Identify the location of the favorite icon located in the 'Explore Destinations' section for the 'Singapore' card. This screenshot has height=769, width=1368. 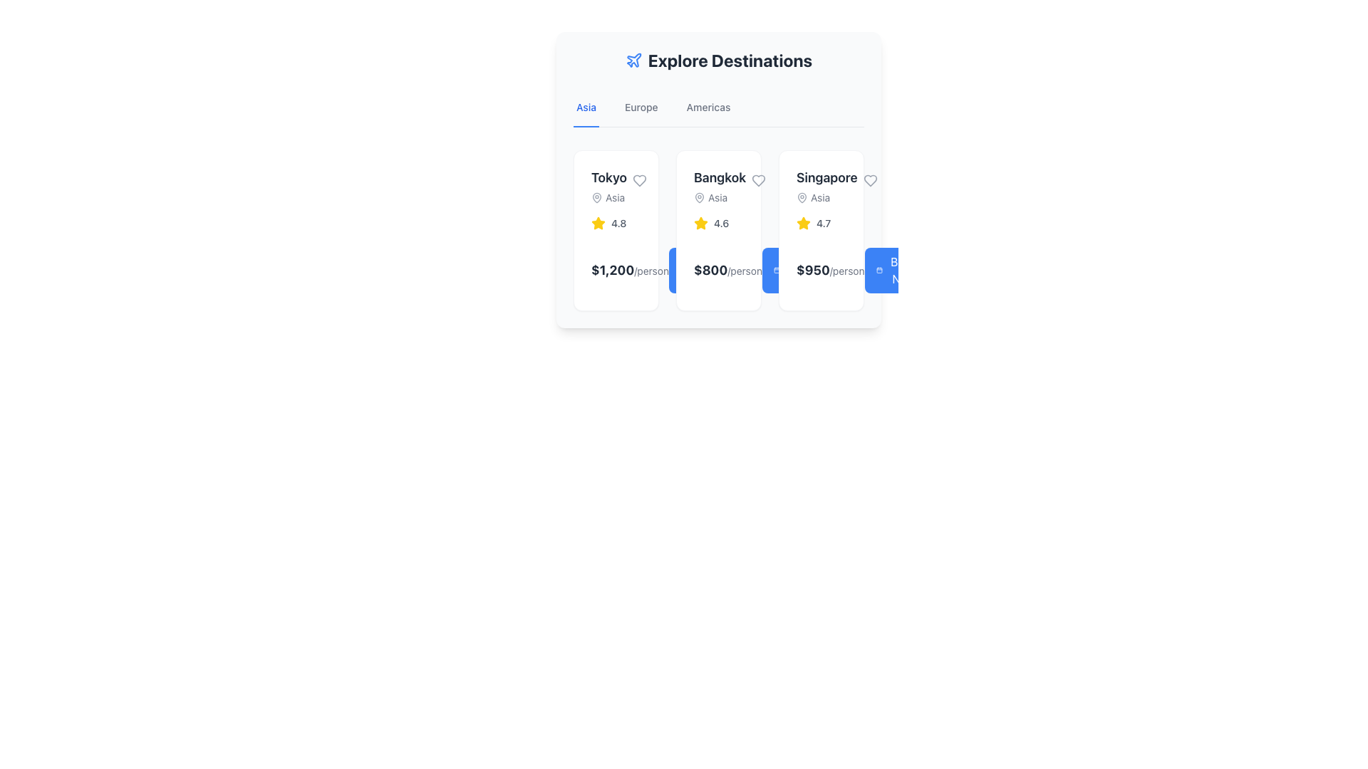
(869, 180).